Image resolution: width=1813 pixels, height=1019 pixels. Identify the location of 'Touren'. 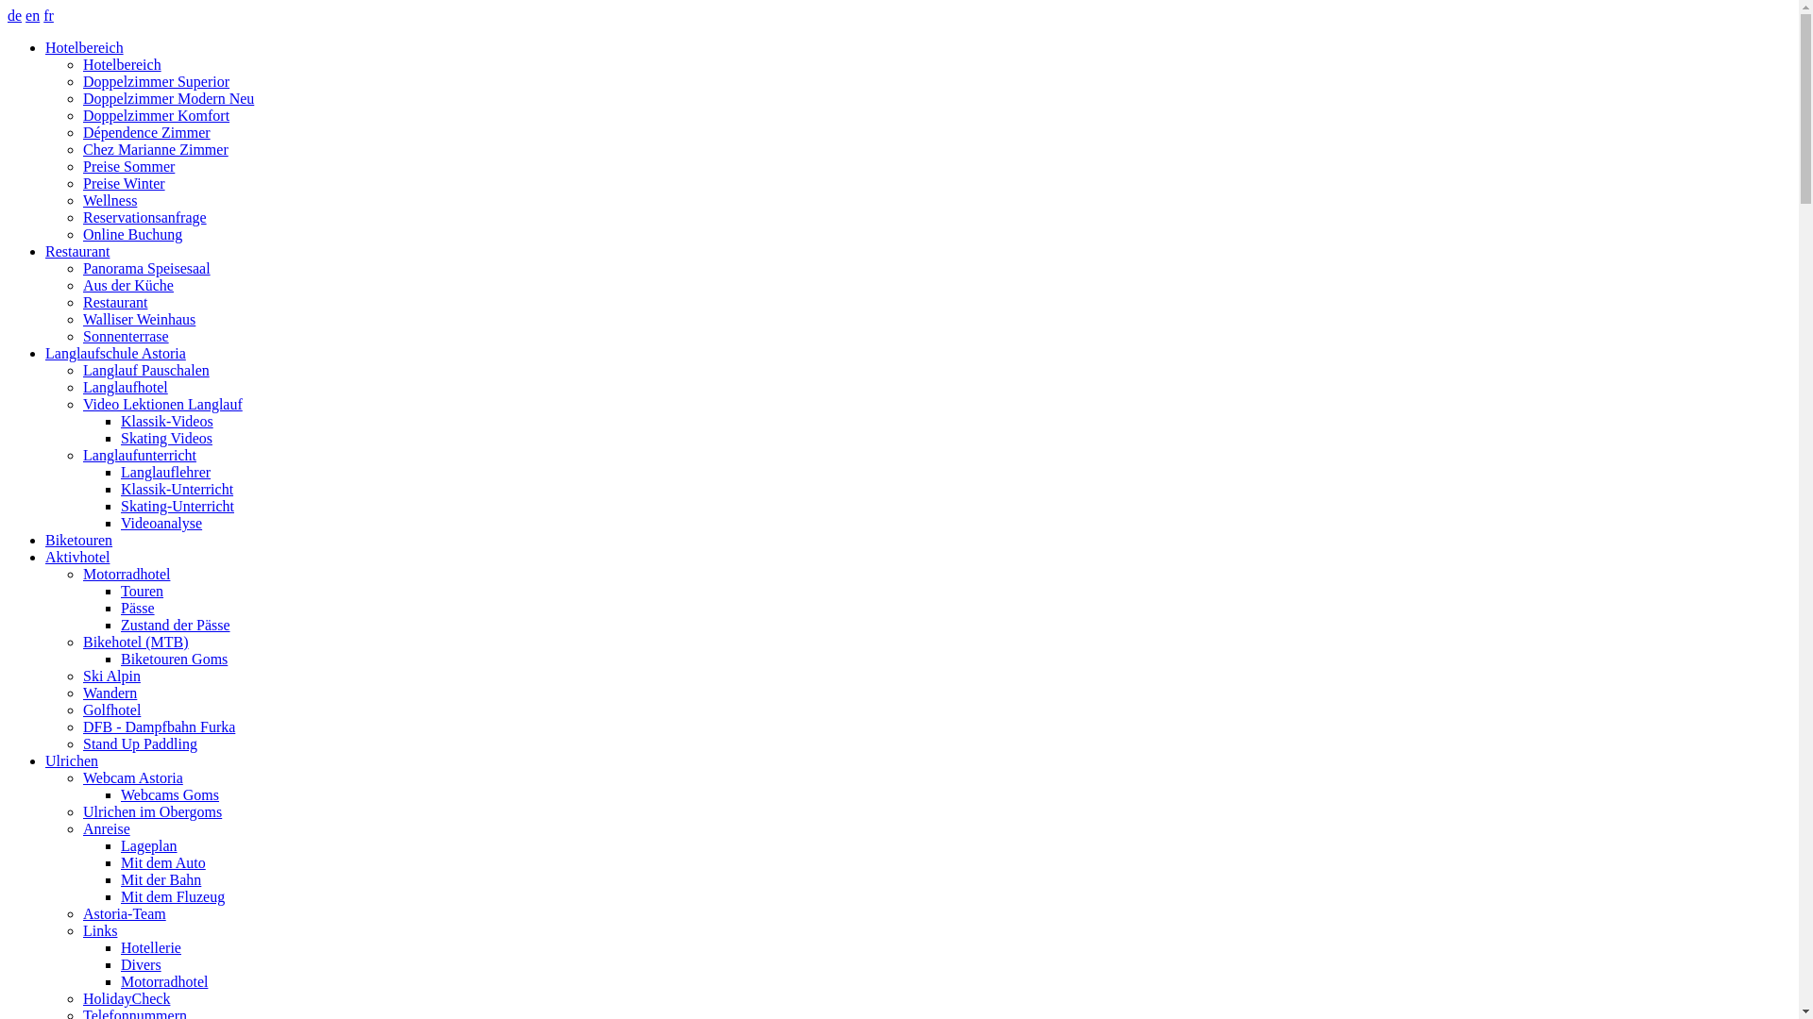
(120, 590).